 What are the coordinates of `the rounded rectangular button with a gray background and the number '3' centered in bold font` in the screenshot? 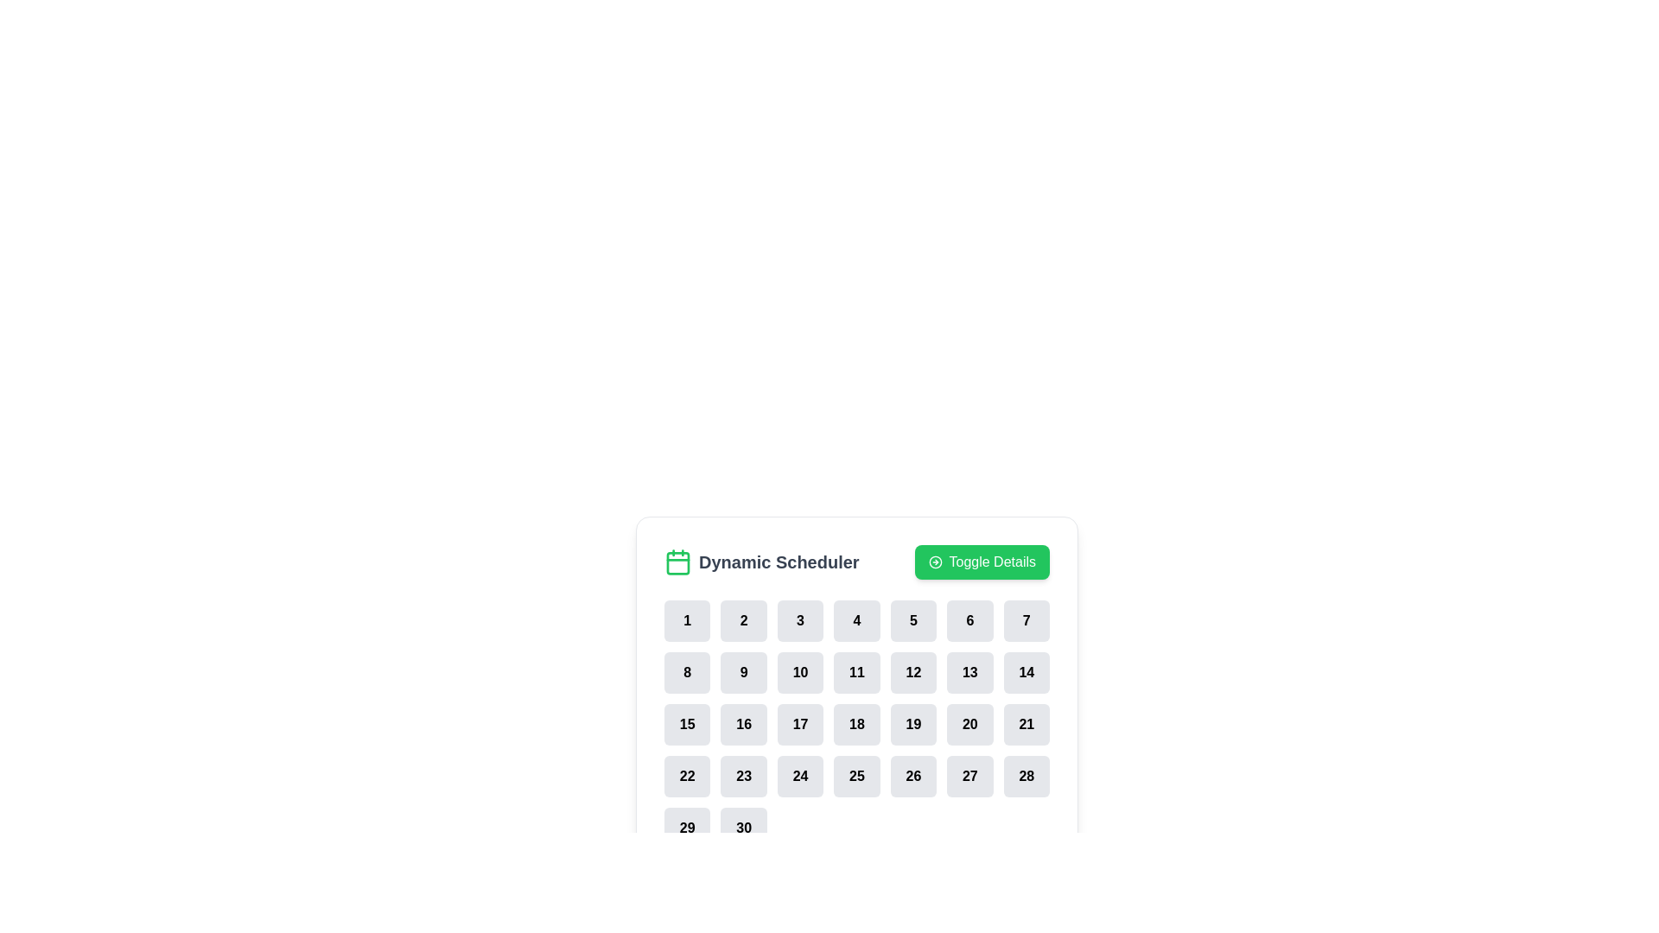 It's located at (799, 619).